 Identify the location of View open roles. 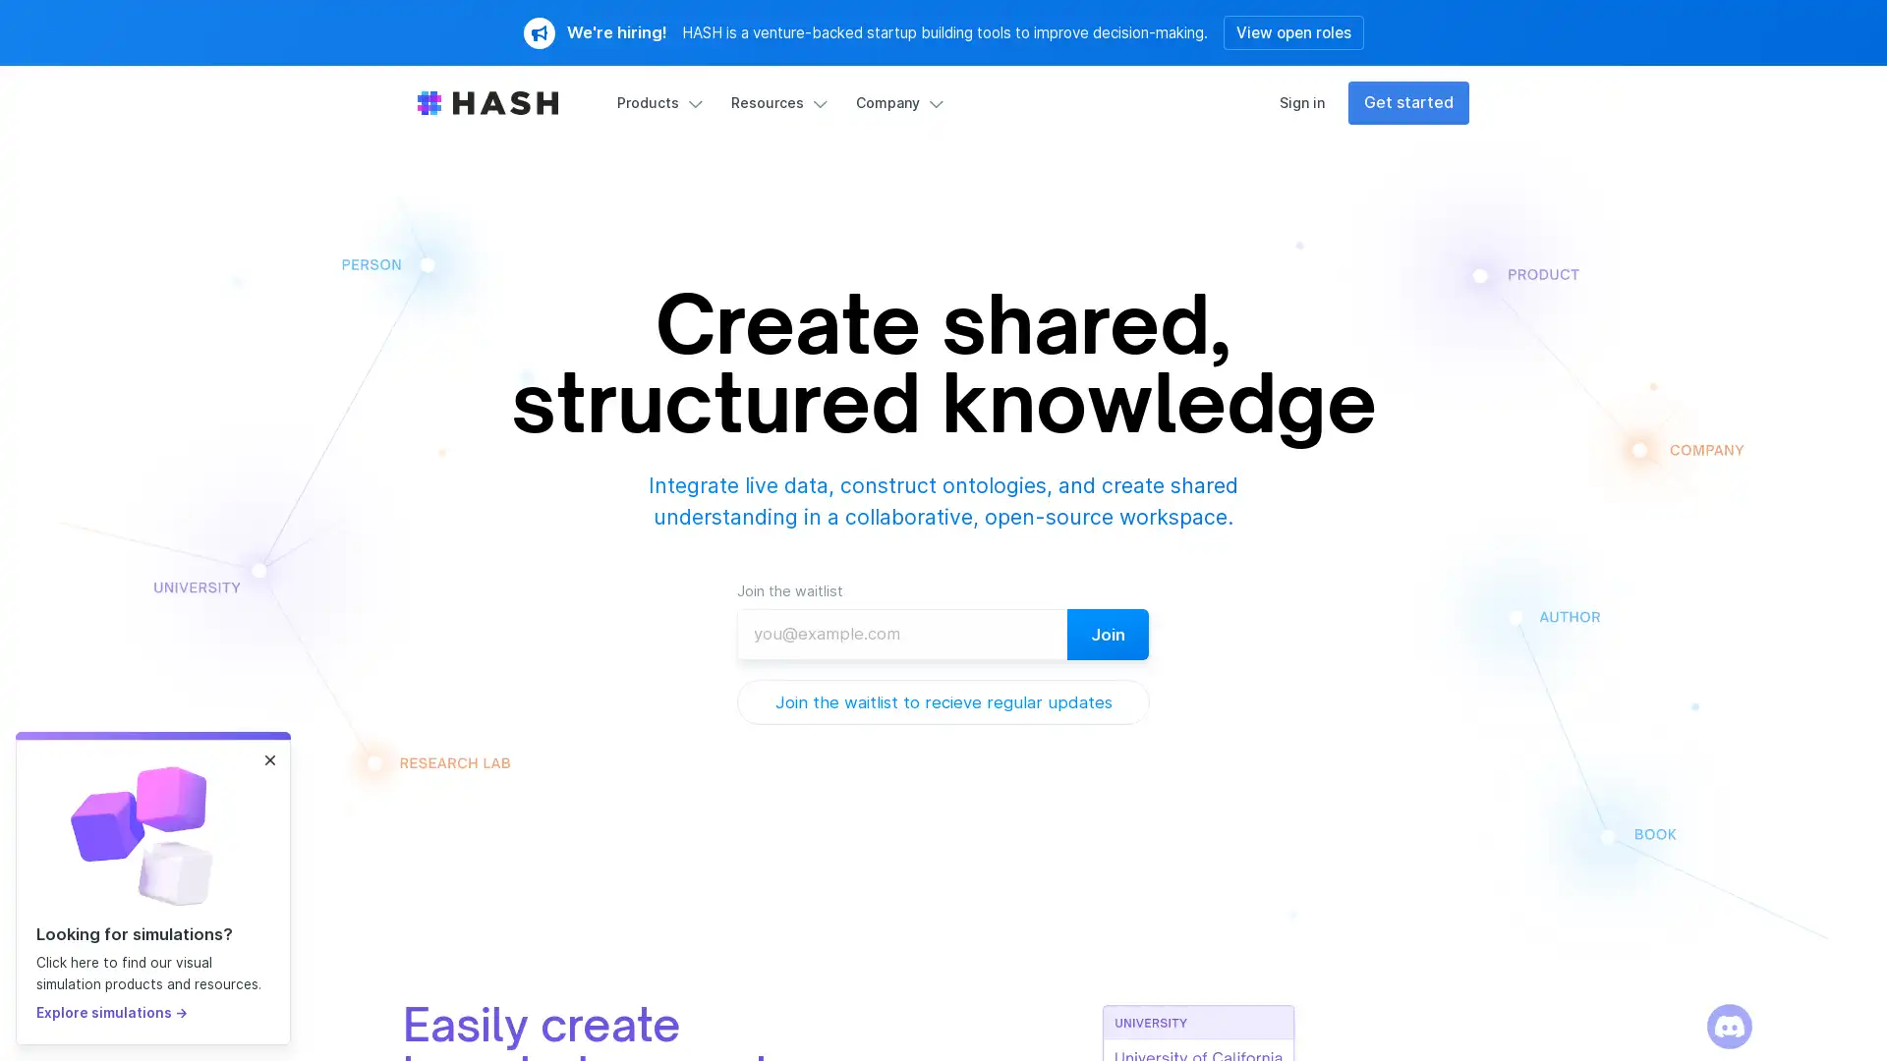
(1292, 32).